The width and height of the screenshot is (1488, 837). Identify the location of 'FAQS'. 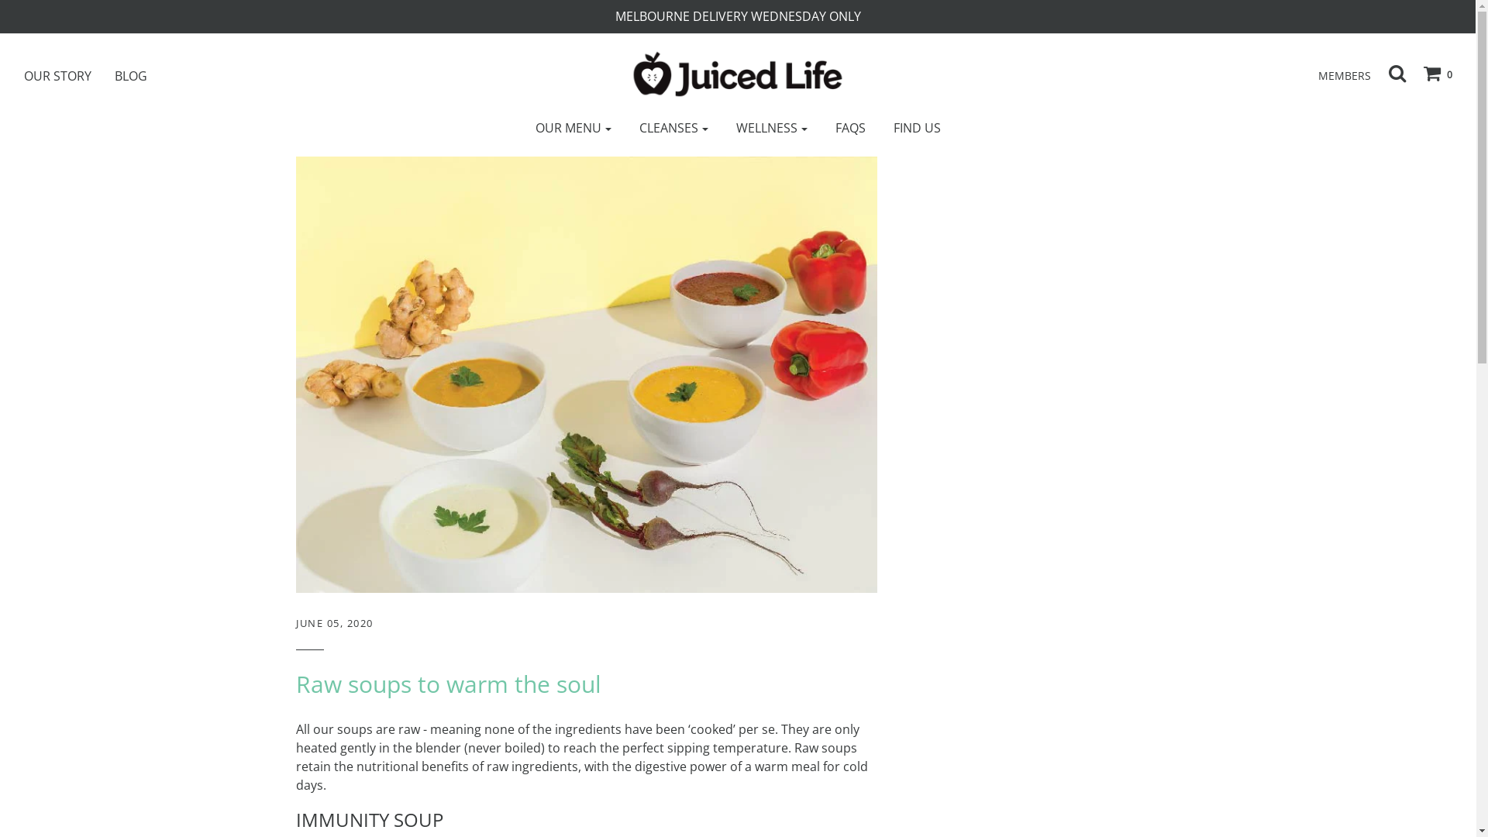
(849, 127).